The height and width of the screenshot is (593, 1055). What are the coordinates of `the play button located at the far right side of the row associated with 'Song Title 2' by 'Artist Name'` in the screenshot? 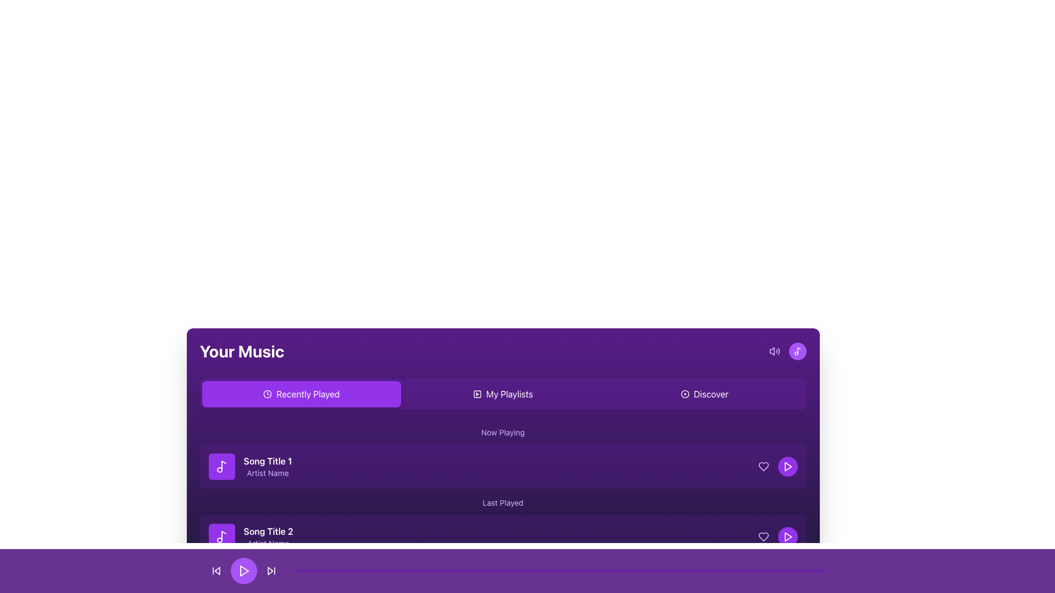 It's located at (777, 536).